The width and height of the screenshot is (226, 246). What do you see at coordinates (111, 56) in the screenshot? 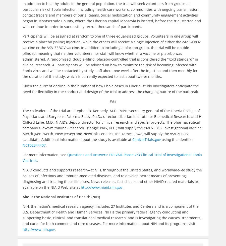
I see `'Participants will be assigned at random to one of three equal-sized groups. Volunteers in one group will receive a placebo (saline) injection, while the others will receive a single injection of either the cAd3-EBOZ vaccine or the VSV-ZEBOV vaccine. In addition to including a placebo group, the trial will be double-blinded, meaning that neither volunteers nor staff will know whether a vaccine or placebo was administered. A randomized, double-blind, placebo-controlled trial is considered the "gold standard" in clinical research. All participants will be advised on how to minimize the risk of becoming infected with Ebola virus and will be contacted by study staff about one week after the injection and then monthly for the duration of the study, which is currently expected to last about twelve months.'` at bounding box center [111, 56].